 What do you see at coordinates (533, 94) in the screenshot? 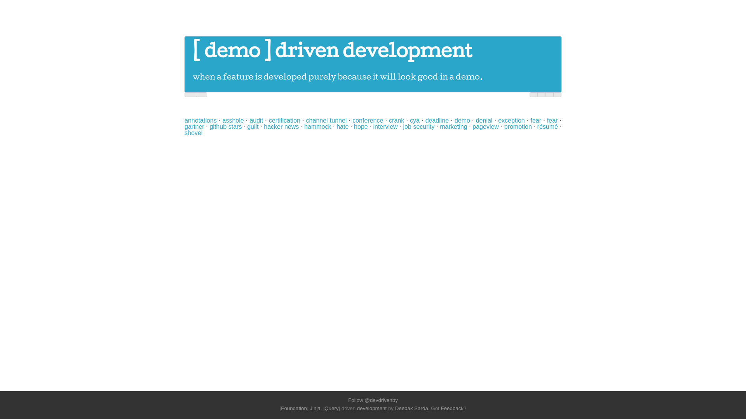
I see `'share on twitter'` at bounding box center [533, 94].